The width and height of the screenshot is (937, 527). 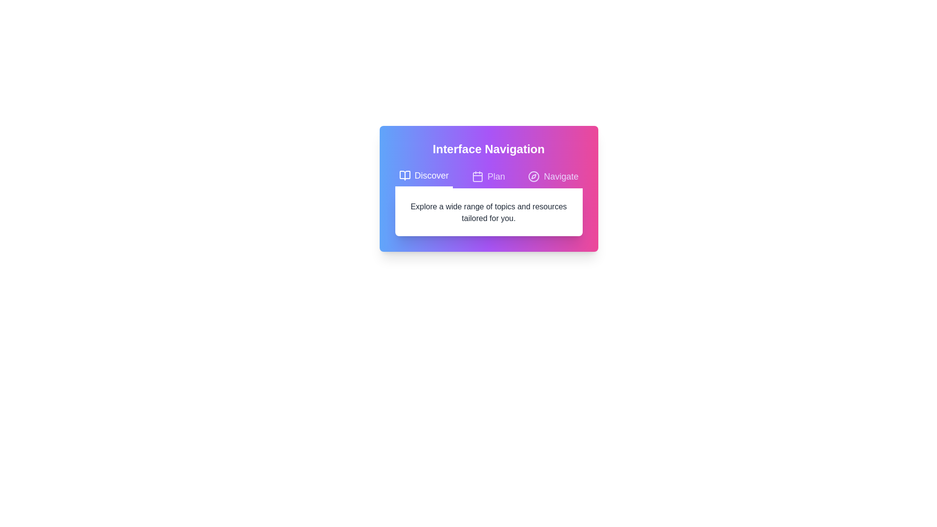 What do you see at coordinates (533, 177) in the screenshot?
I see `the circular compass icon component located centrally within the compass icon in the top-right quadrant of the 'Interface Navigation' card` at bounding box center [533, 177].